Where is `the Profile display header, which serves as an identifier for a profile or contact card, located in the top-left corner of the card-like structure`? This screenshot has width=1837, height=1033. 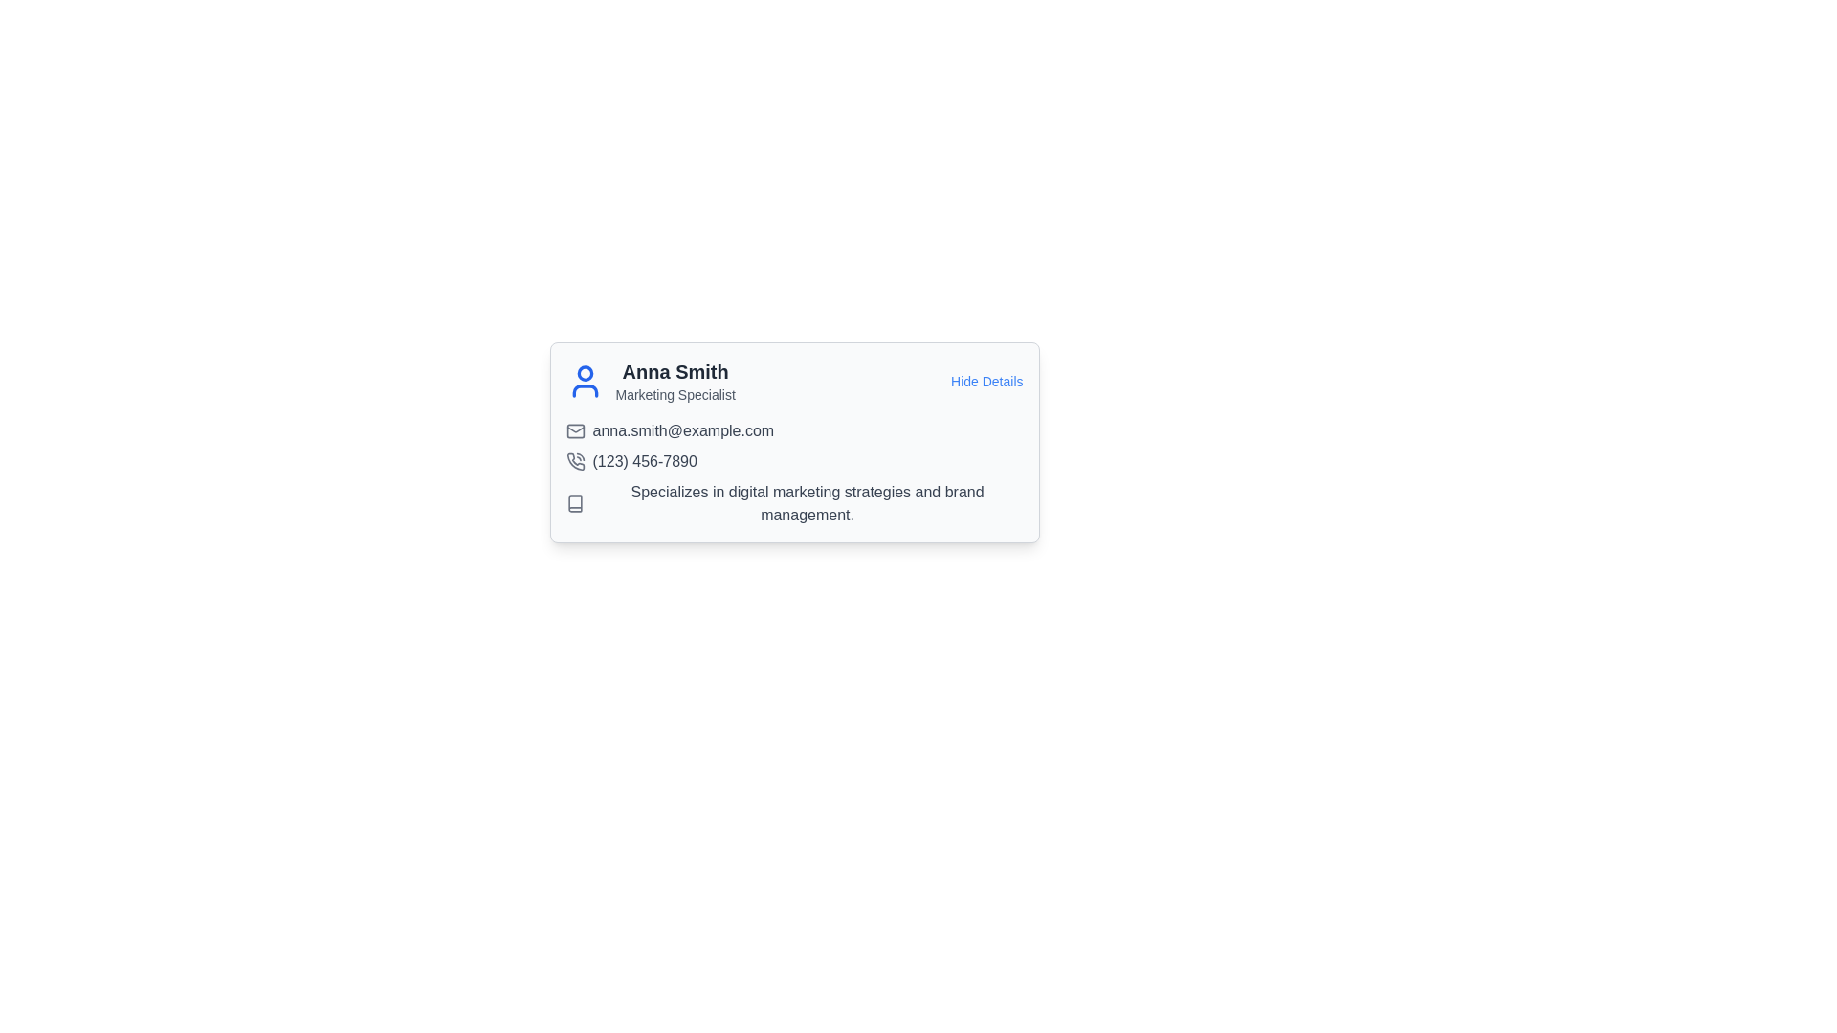 the Profile display header, which serves as an identifier for a profile or contact card, located in the top-left corner of the card-like structure is located at coordinates (651, 381).